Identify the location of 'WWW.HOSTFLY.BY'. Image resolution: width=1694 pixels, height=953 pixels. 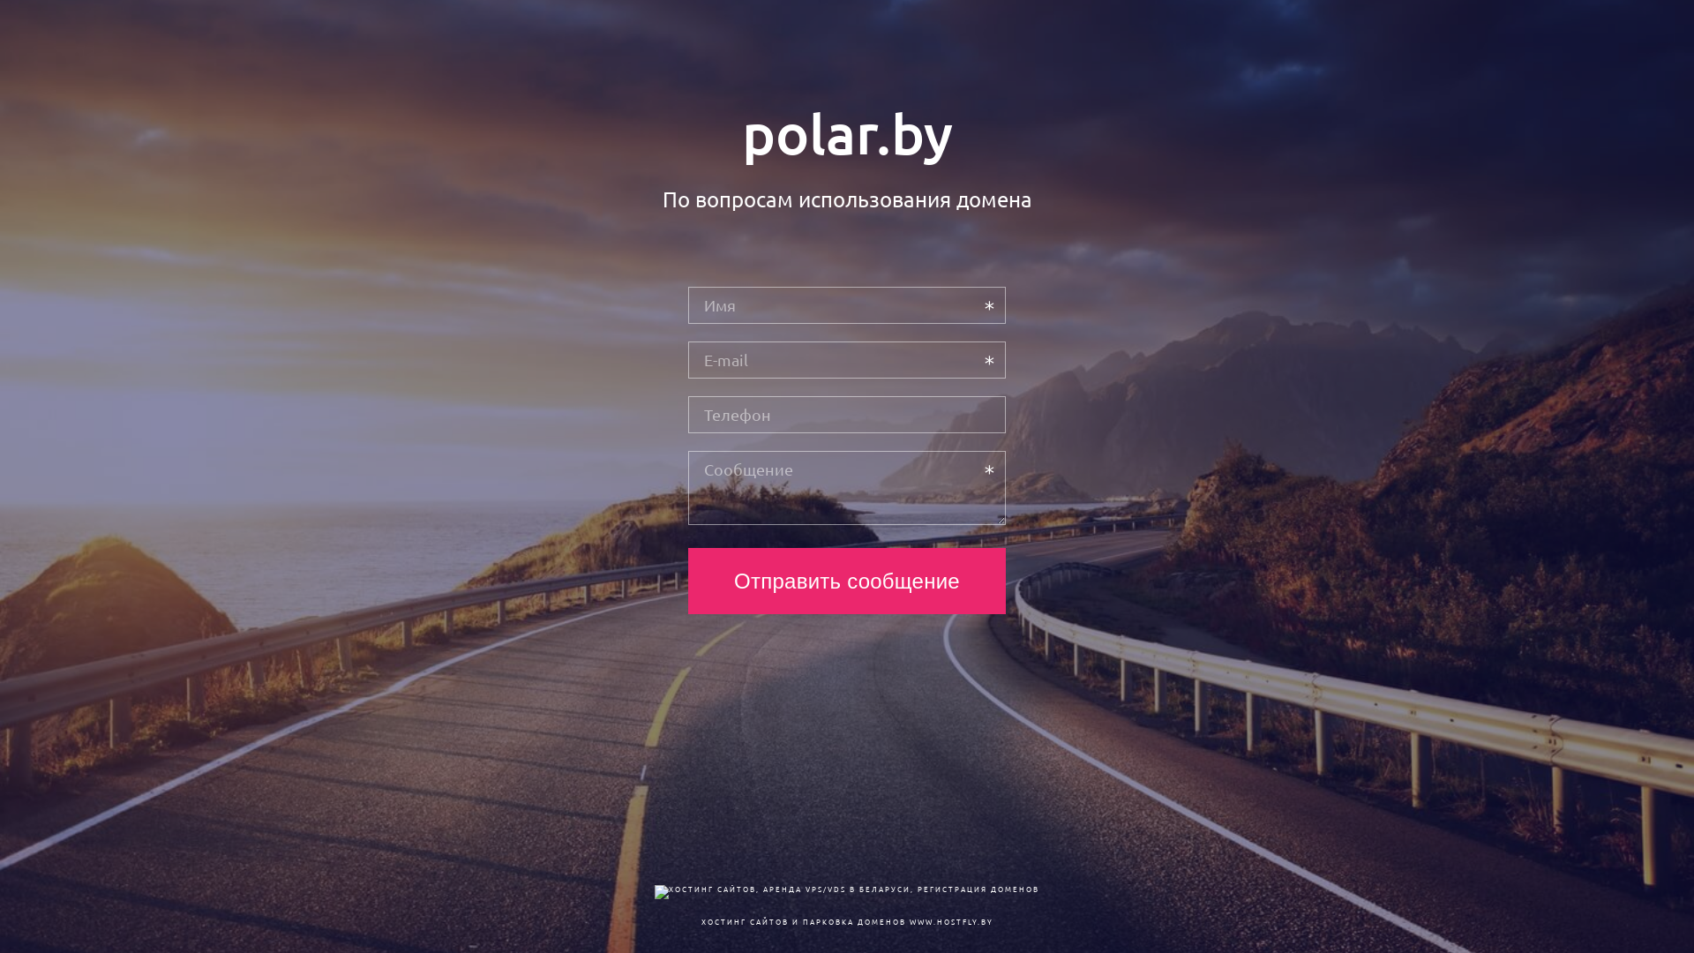
(949, 920).